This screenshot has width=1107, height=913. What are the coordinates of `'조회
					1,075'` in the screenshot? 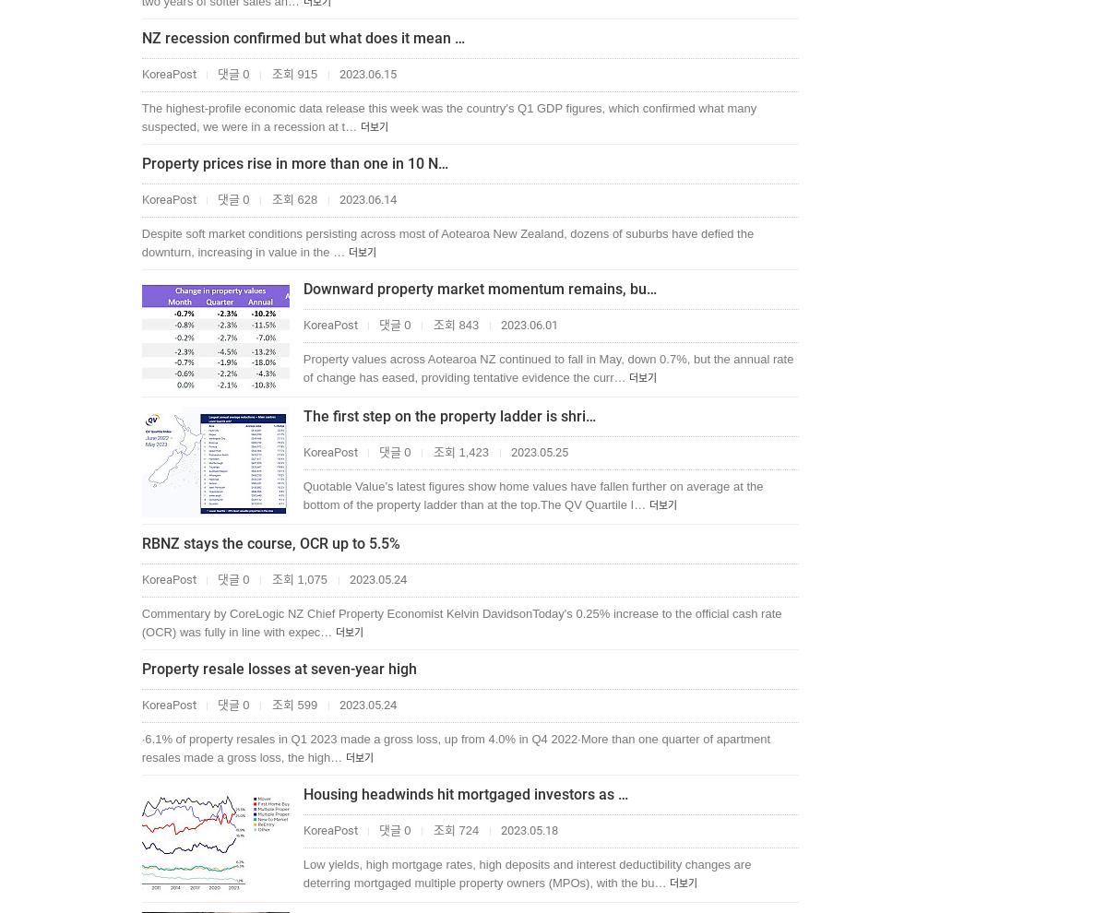 It's located at (268, 578).